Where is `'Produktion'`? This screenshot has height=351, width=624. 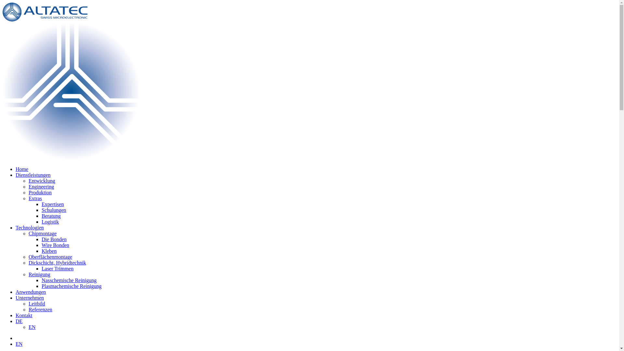 'Produktion' is located at coordinates (40, 192).